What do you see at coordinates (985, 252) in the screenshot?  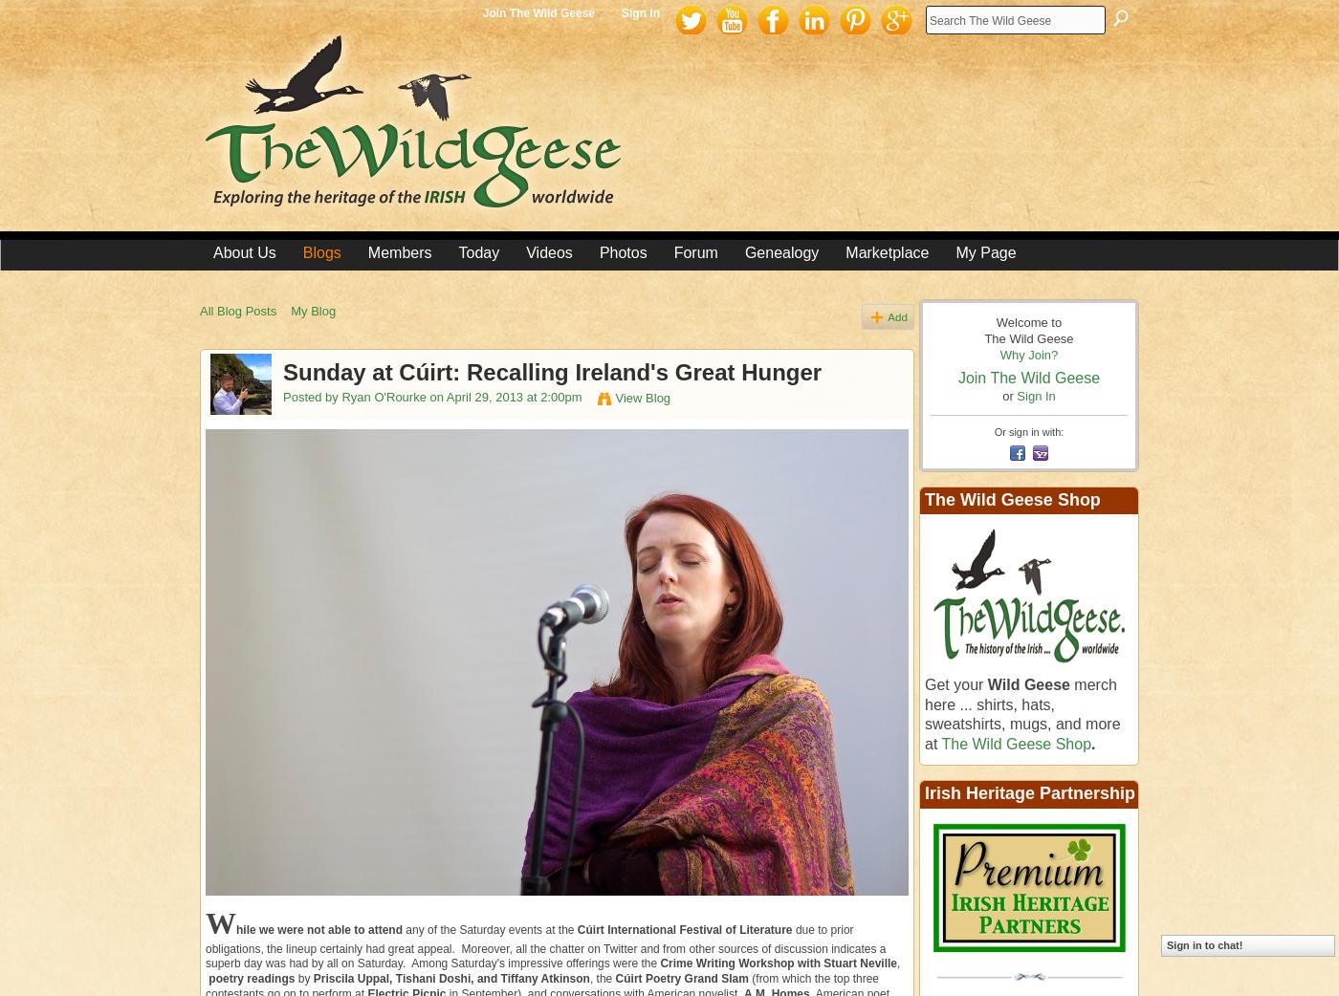 I see `'My Page'` at bounding box center [985, 252].